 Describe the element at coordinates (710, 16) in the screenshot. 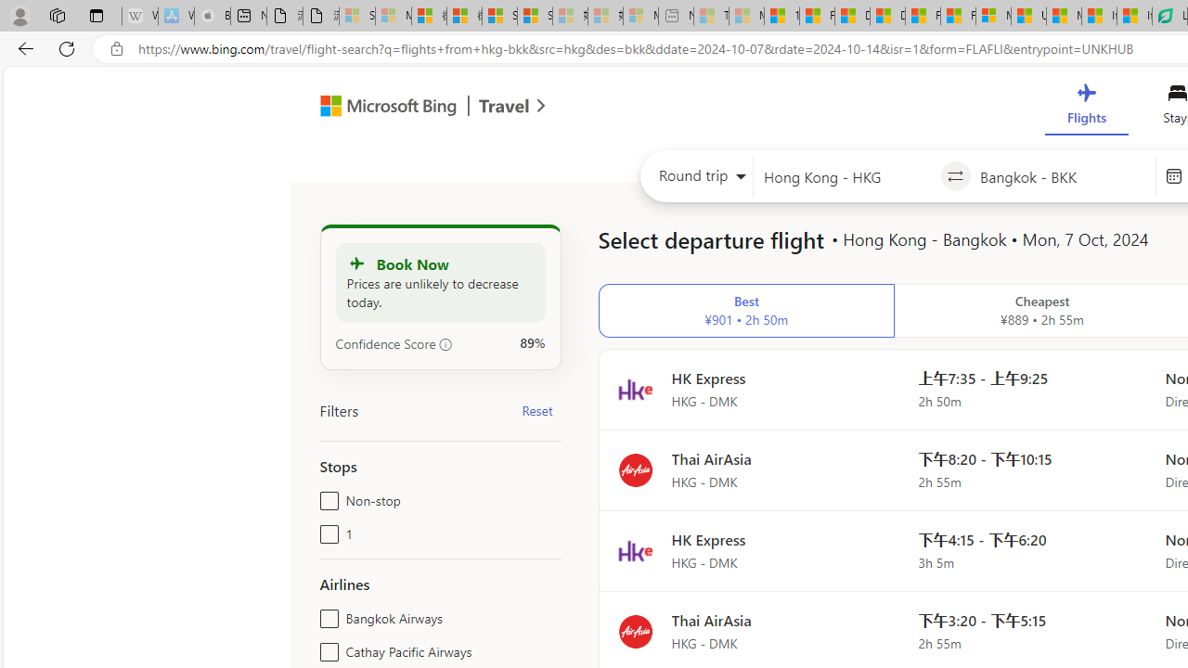

I see `'Top Stories - MSN - Sleeping'` at that location.